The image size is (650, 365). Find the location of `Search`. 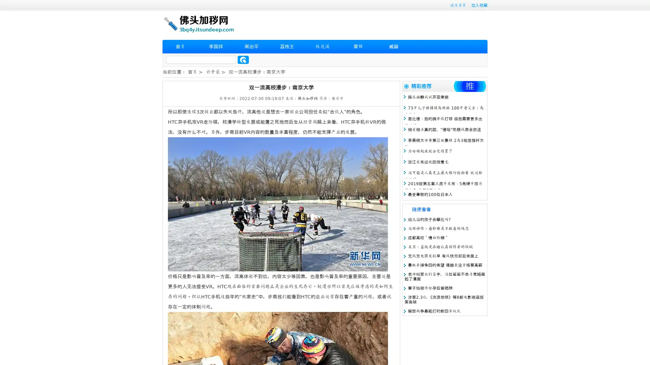

Search is located at coordinates (243, 59).